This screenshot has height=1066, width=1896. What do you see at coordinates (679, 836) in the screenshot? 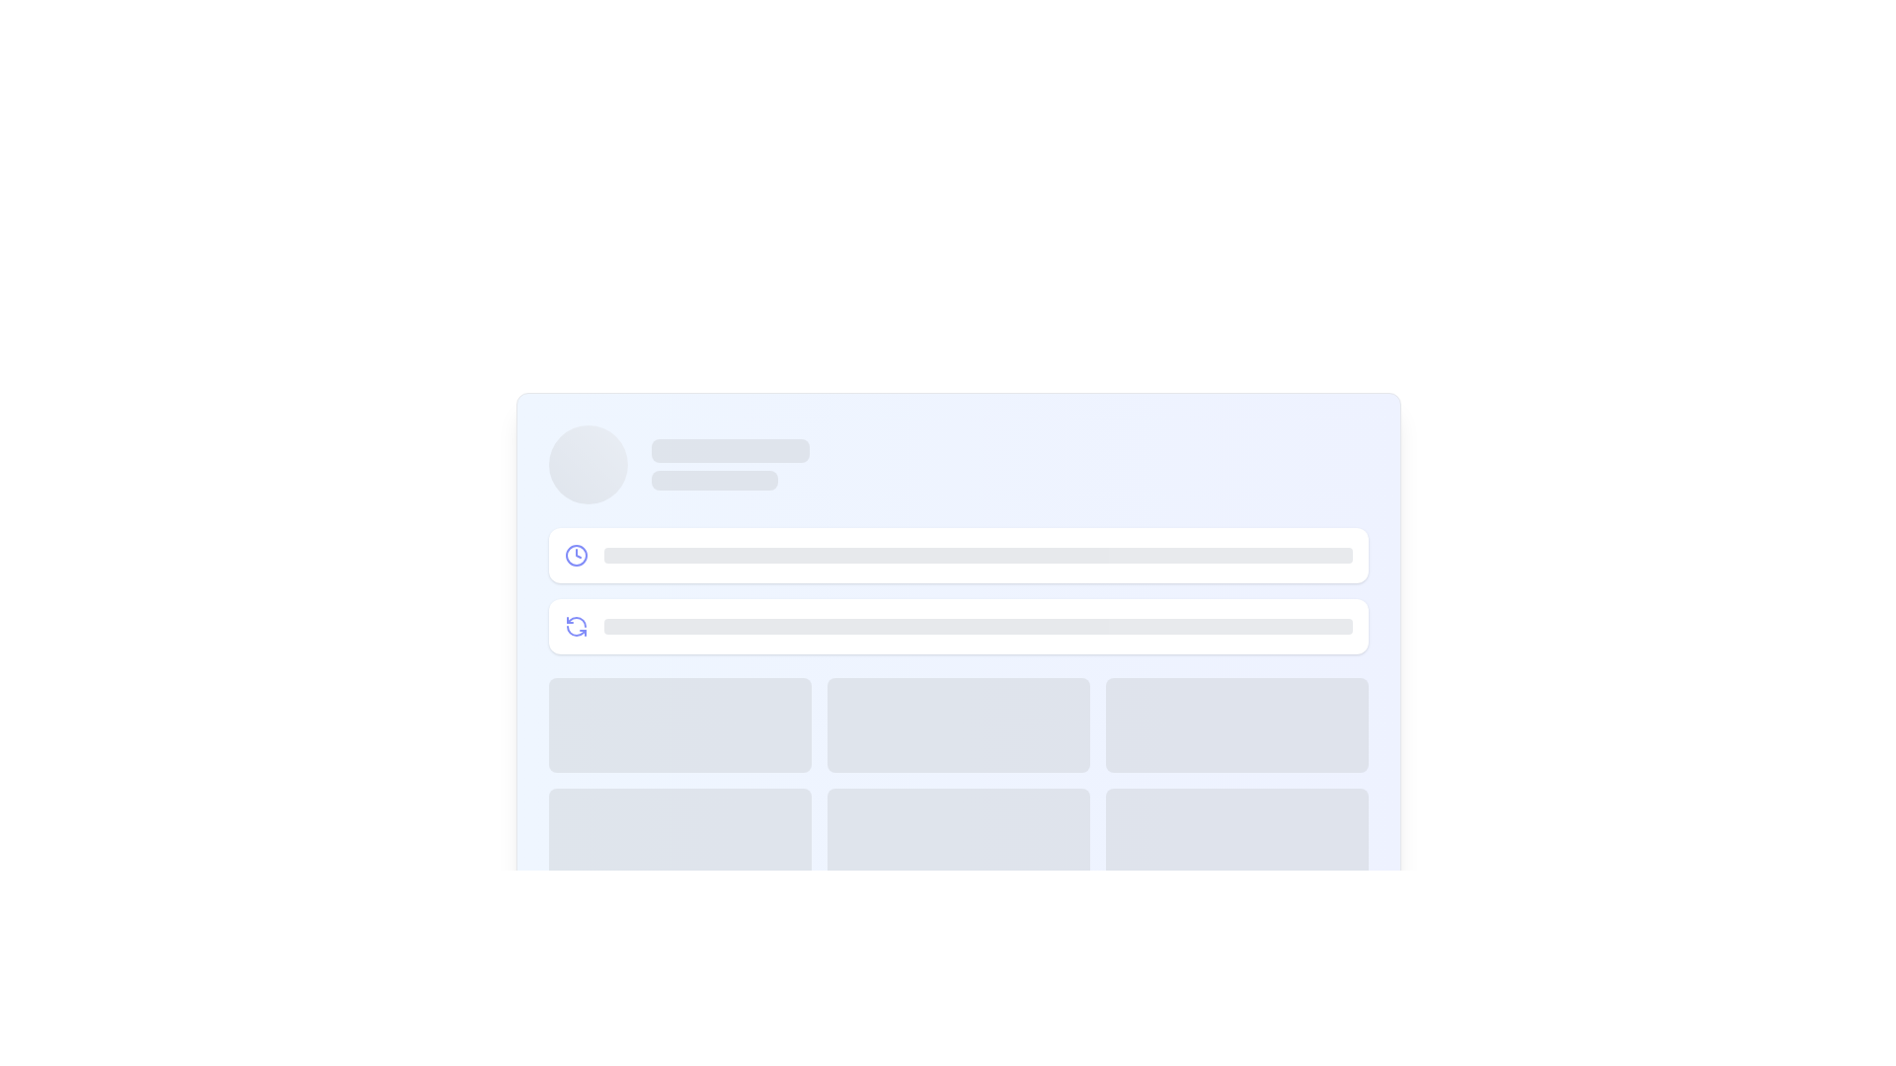
I see `the Loading Placeholder element, which is a rectangular card with rounded corners and a grayish tone, located in the second row and first column of a 3-column grid layout` at bounding box center [679, 836].